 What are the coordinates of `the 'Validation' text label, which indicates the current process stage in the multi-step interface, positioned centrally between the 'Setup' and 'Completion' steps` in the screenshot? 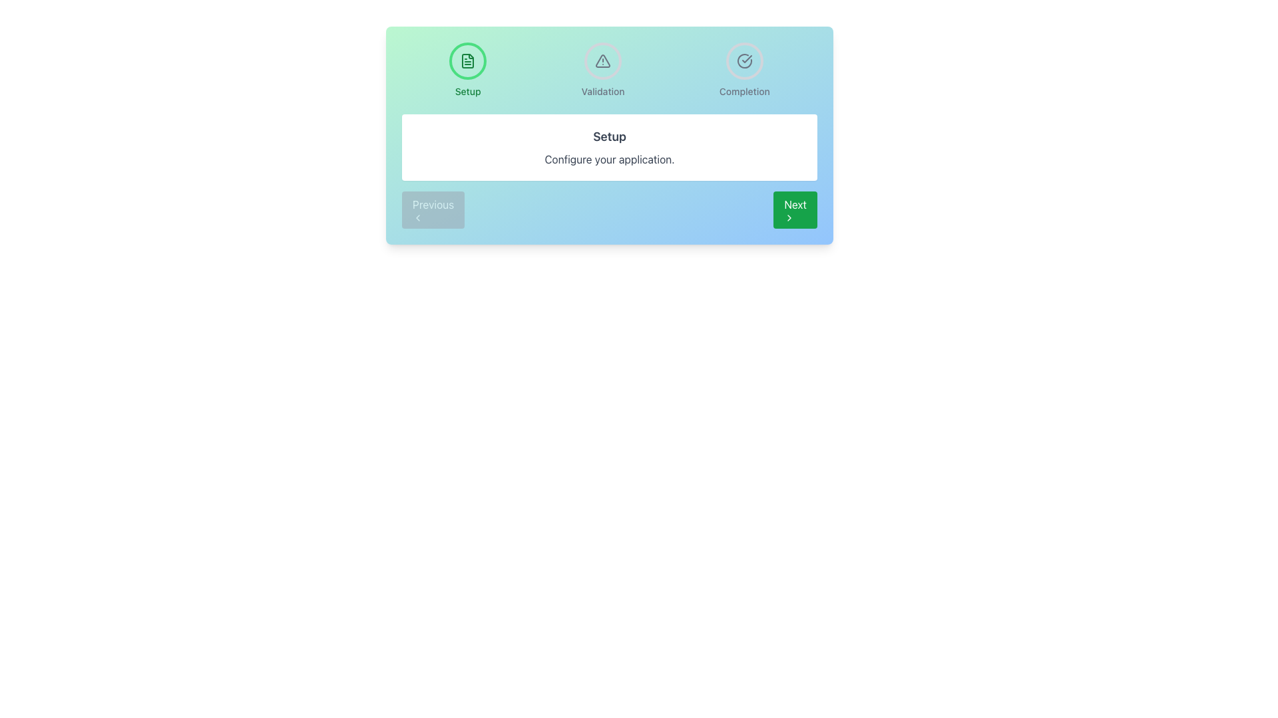 It's located at (602, 91).